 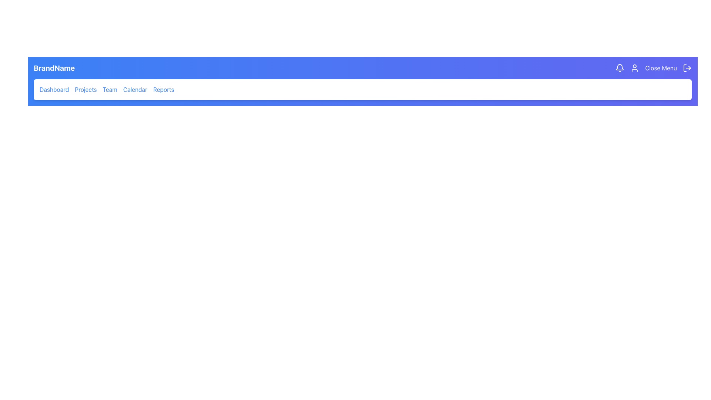 What do you see at coordinates (620, 67) in the screenshot?
I see `the bell-shaped notification icon located in the top-right corner of the navigation bar, which is immediately to the left of the user profile icon` at bounding box center [620, 67].